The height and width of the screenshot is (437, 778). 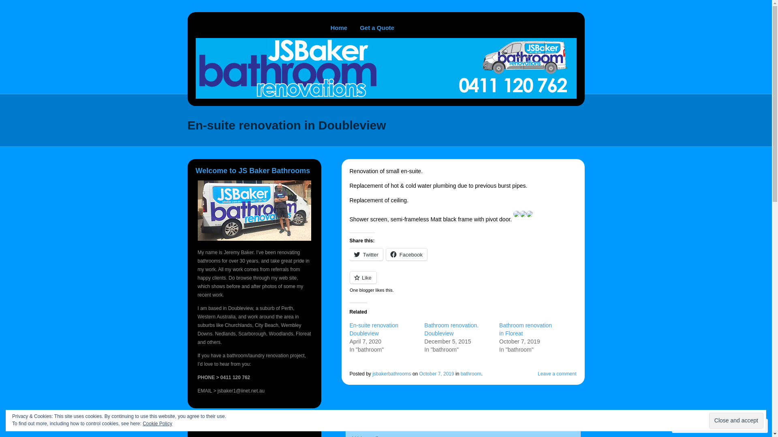 I want to click on 'Twitter', so click(x=365, y=254).